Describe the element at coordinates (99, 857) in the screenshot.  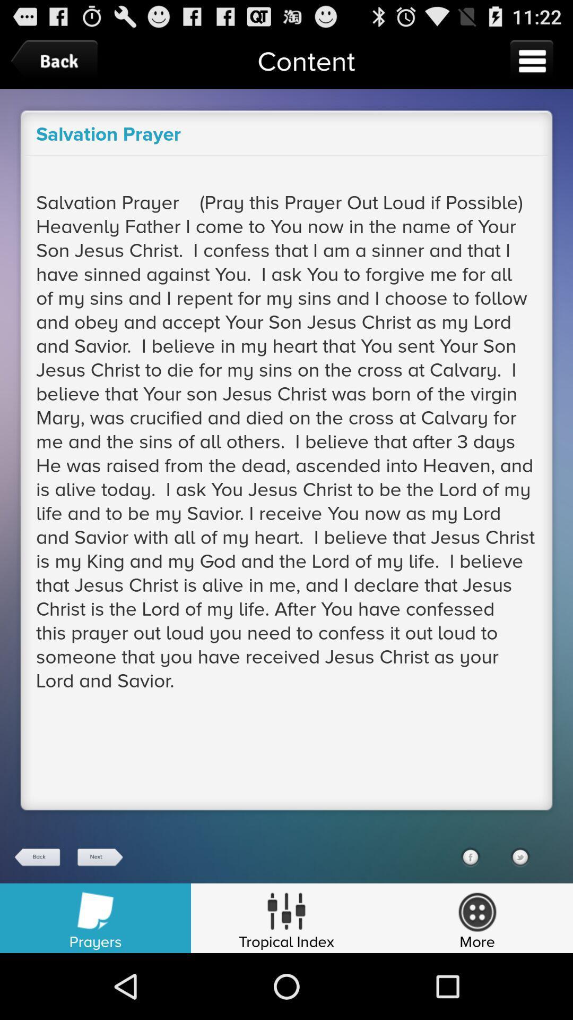
I see `item below salvation prayer pray` at that location.